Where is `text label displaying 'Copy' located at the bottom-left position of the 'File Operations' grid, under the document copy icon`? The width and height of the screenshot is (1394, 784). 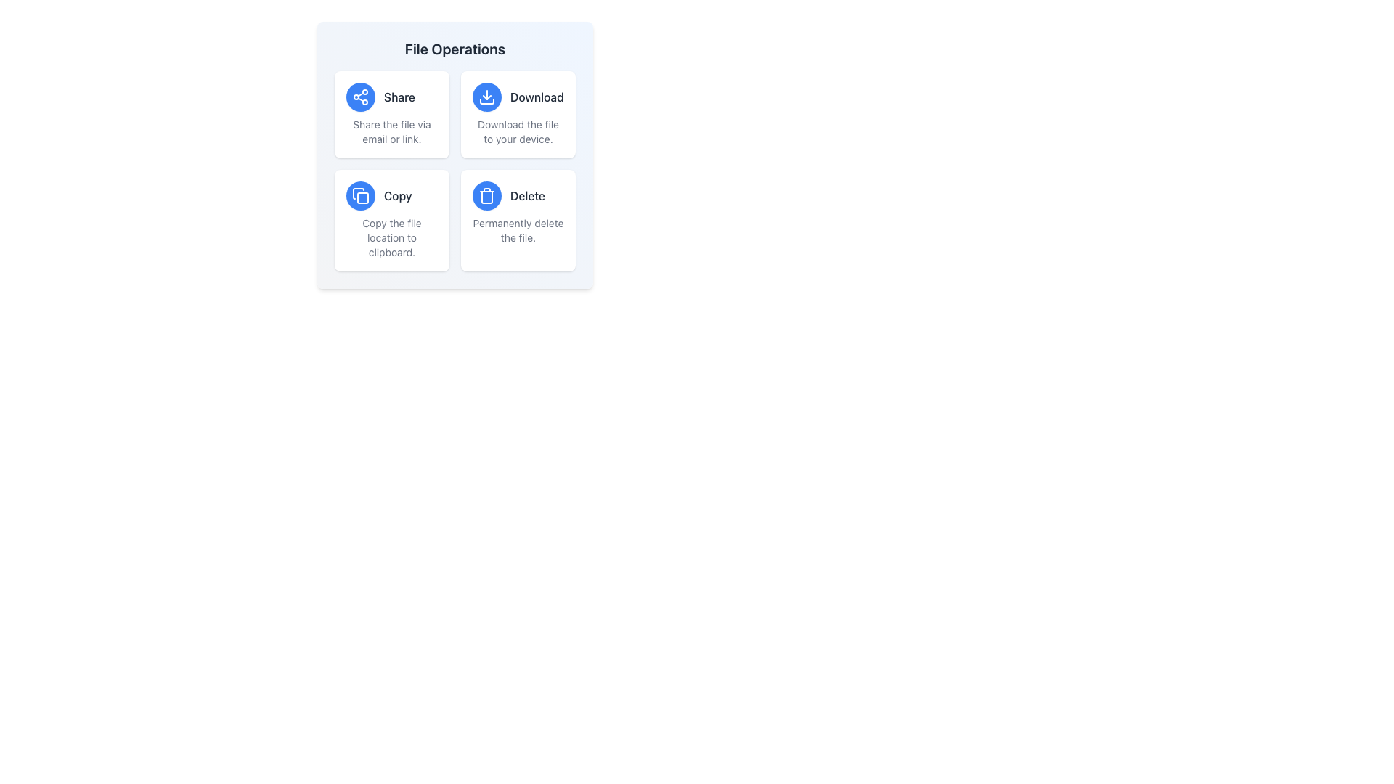 text label displaying 'Copy' located at the bottom-left position of the 'File Operations' grid, under the document copy icon is located at coordinates (398, 196).